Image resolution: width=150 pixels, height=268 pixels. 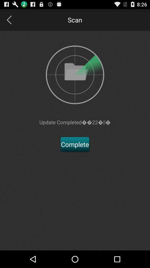 I want to click on the arrow_backward icon, so click(x=9, y=21).